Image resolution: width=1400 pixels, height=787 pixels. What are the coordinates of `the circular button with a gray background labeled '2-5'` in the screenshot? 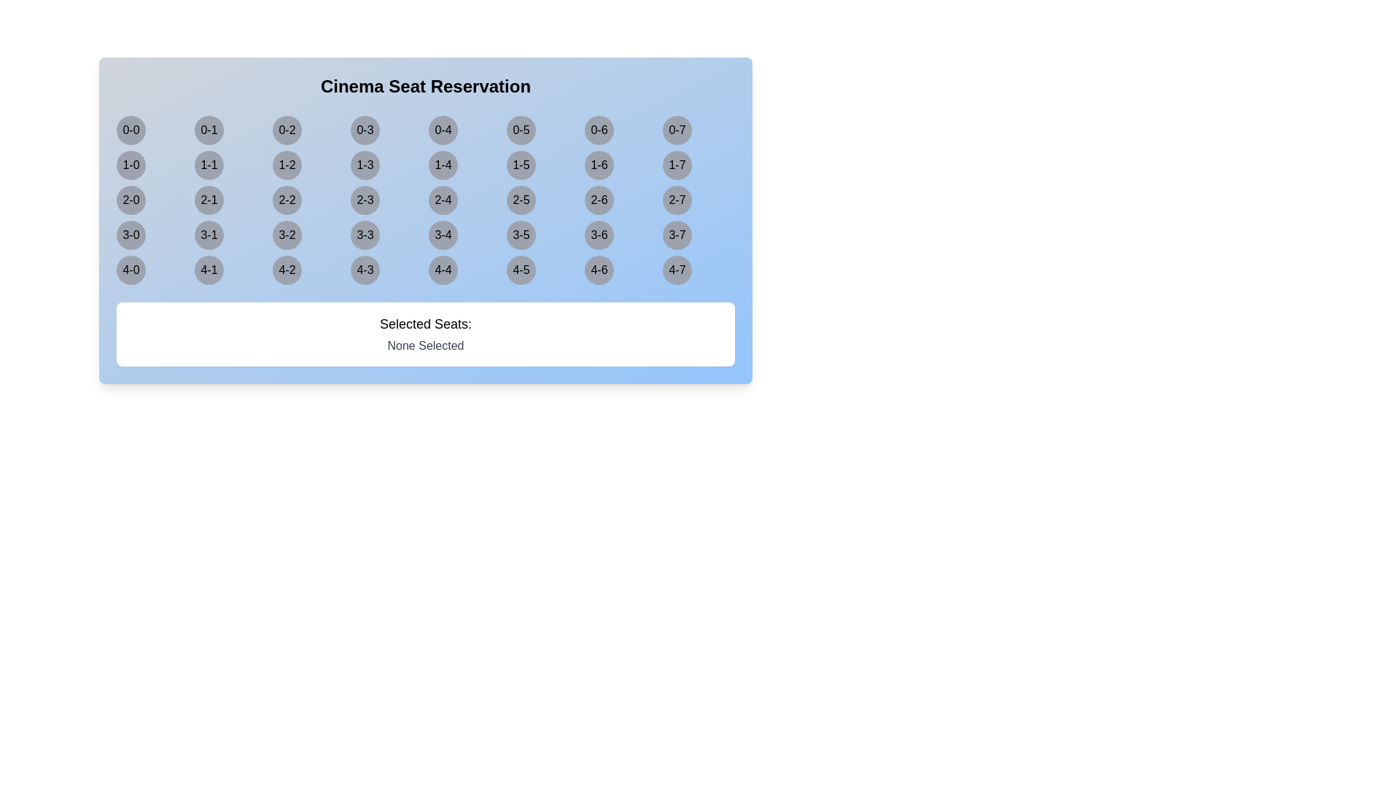 It's located at (521, 200).